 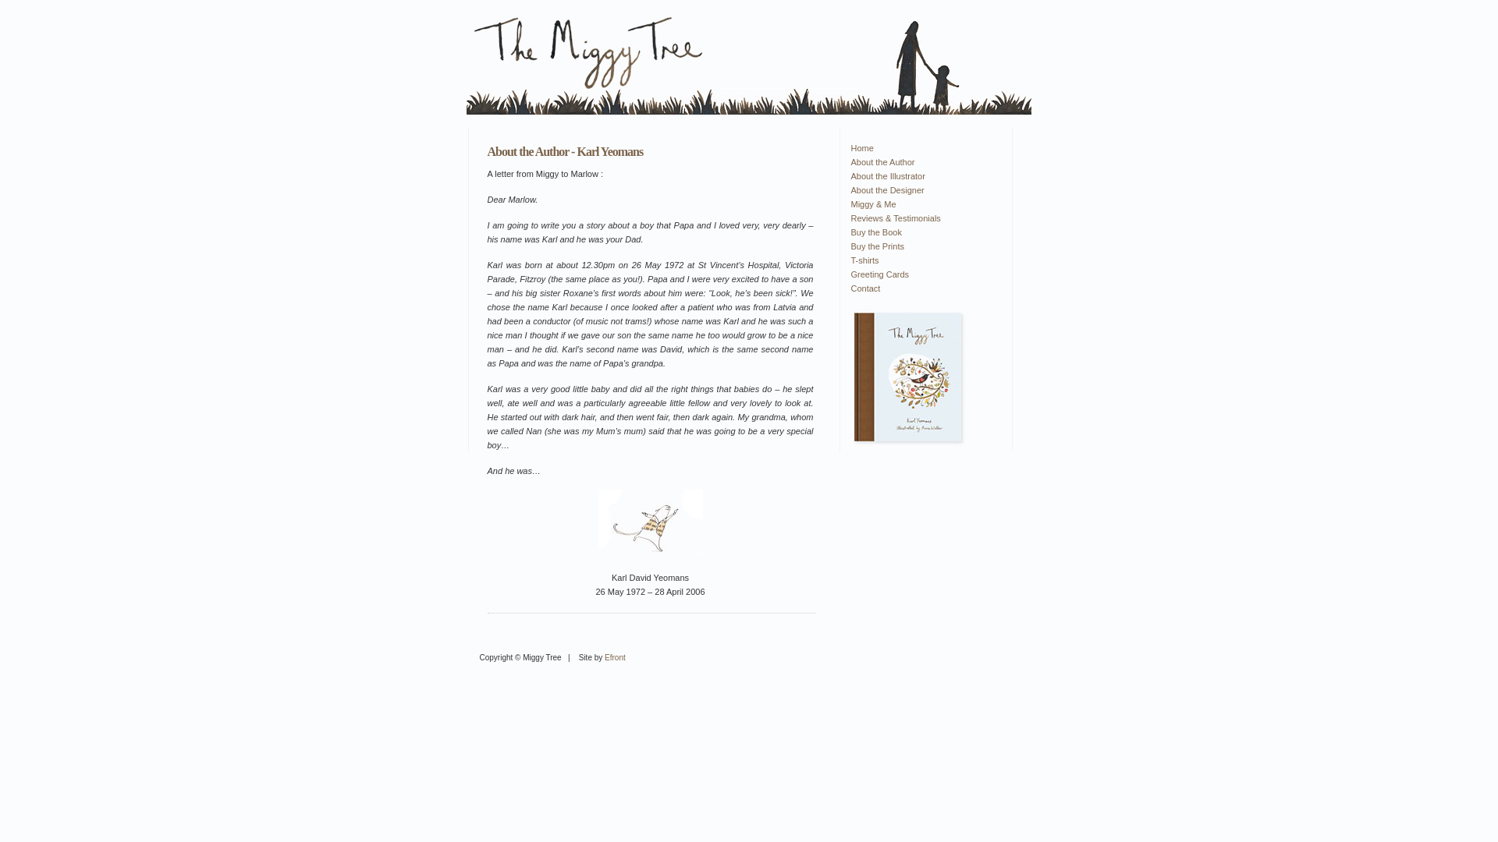 I want to click on 'Miggy & Me', so click(x=921, y=203).